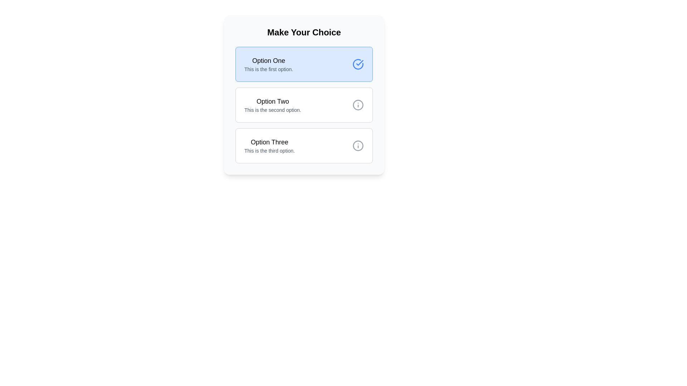  Describe the element at coordinates (358, 105) in the screenshot. I see `the informational indicator icon located in the top-right corner of the card labeled 'Option Two'` at that location.